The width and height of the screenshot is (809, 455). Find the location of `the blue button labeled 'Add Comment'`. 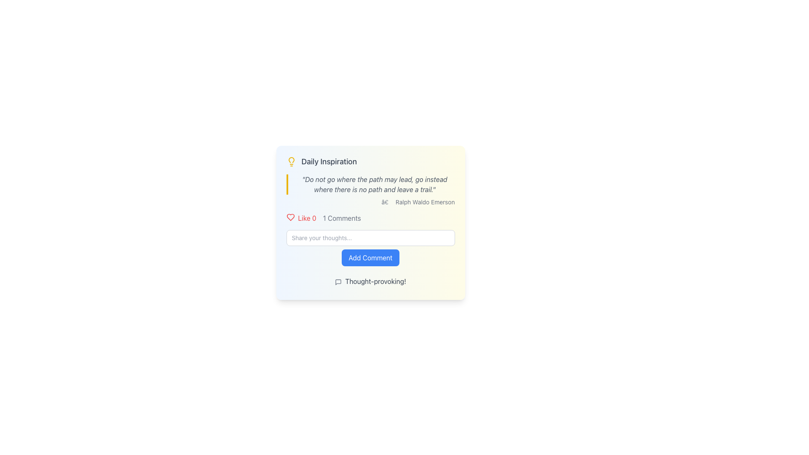

the blue button labeled 'Add Comment' is located at coordinates (370, 248).